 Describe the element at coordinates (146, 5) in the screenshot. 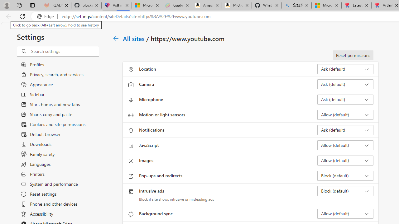

I see `'Microsoft-Report a Concern to Bing'` at that location.